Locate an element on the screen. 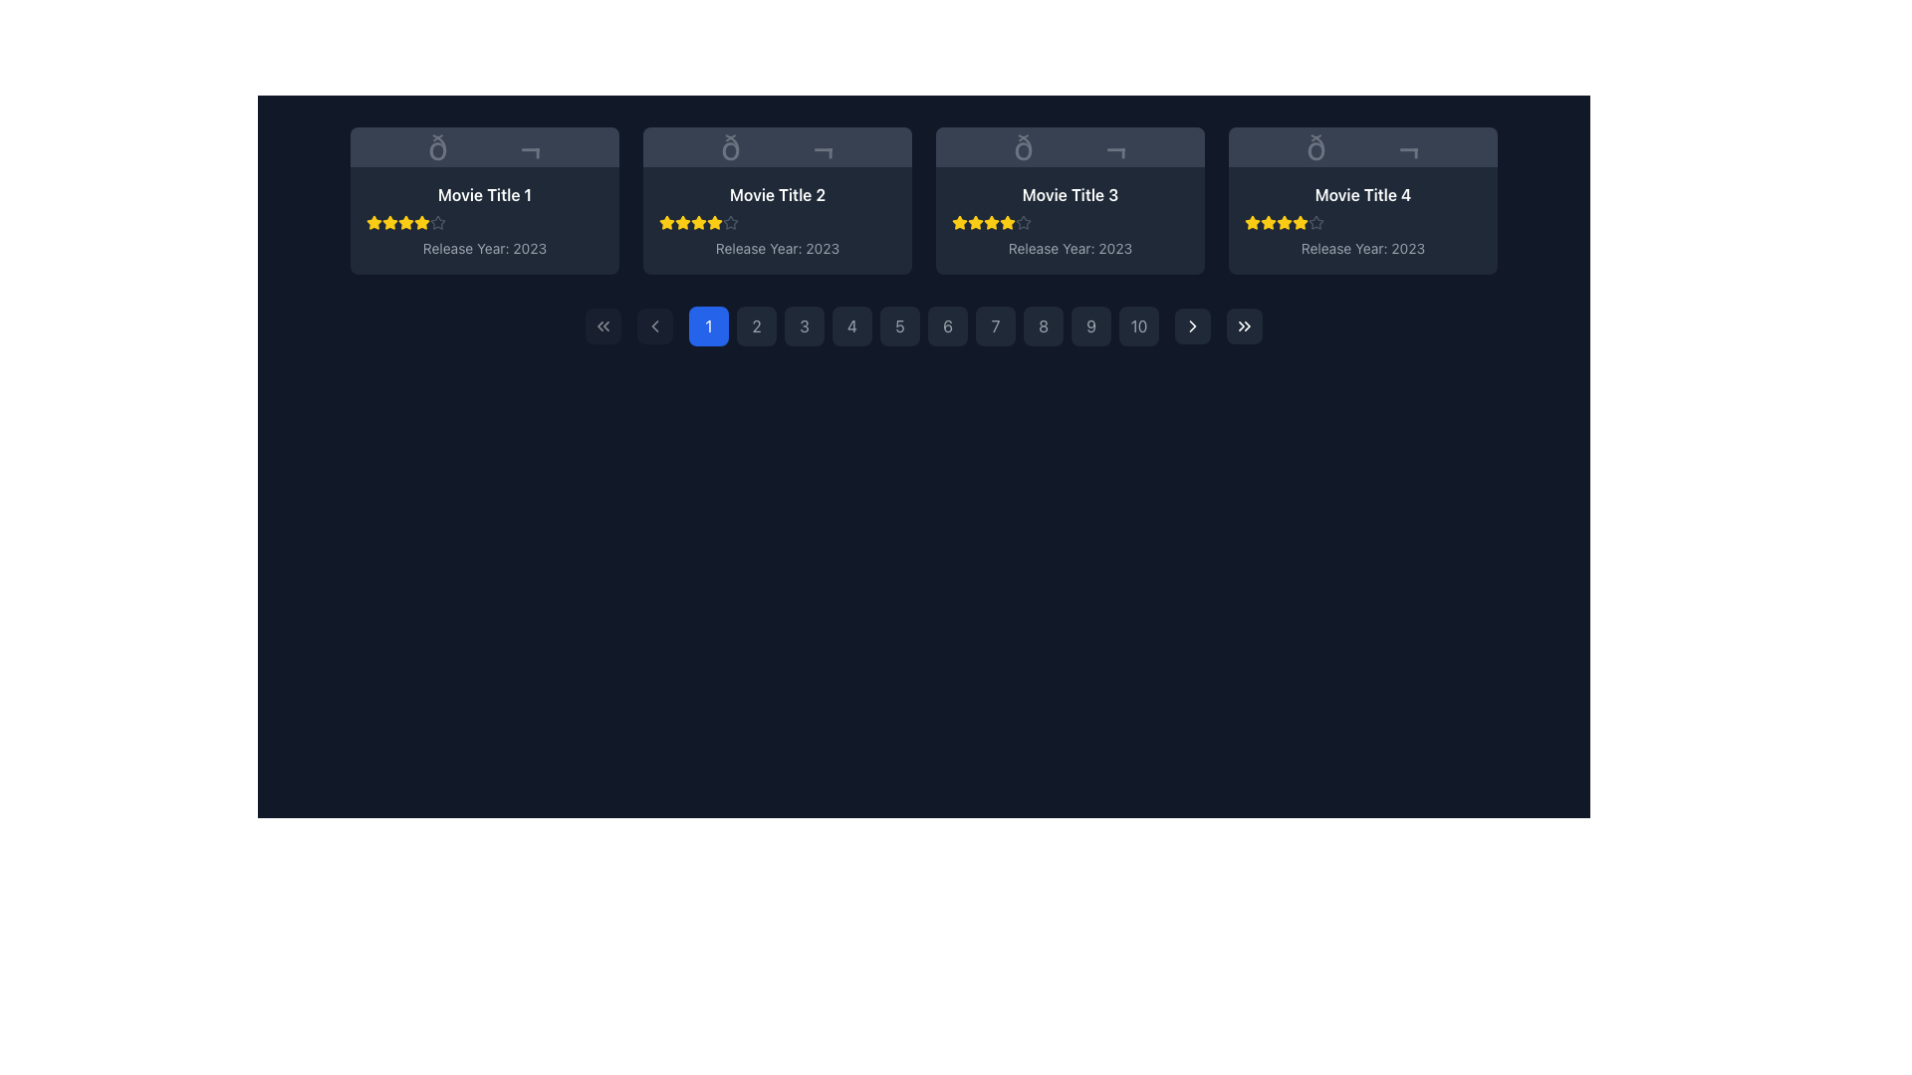 This screenshot has height=1075, width=1912. the next-page navigation button located on the rightmost side of the horizontal navigation bar is located at coordinates (1193, 324).